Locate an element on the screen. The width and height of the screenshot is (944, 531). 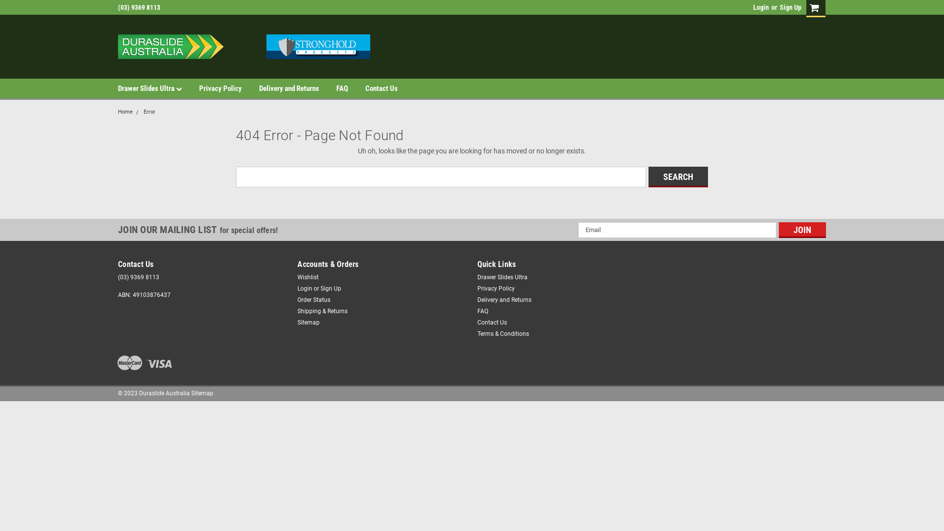
'Wishlist' is located at coordinates (307, 277).